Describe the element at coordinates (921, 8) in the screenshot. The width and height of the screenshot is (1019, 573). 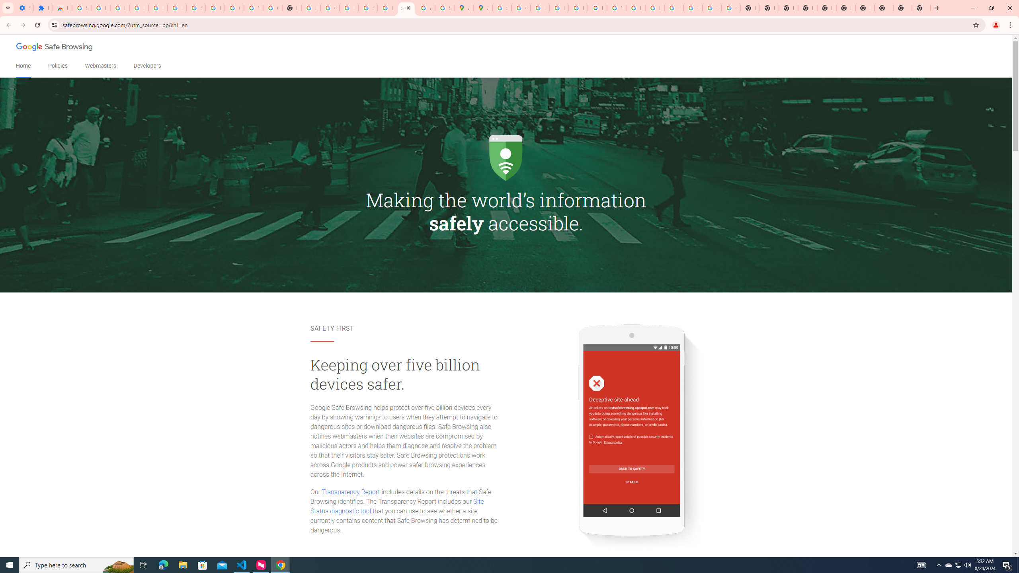
I see `'New Tab'` at that location.